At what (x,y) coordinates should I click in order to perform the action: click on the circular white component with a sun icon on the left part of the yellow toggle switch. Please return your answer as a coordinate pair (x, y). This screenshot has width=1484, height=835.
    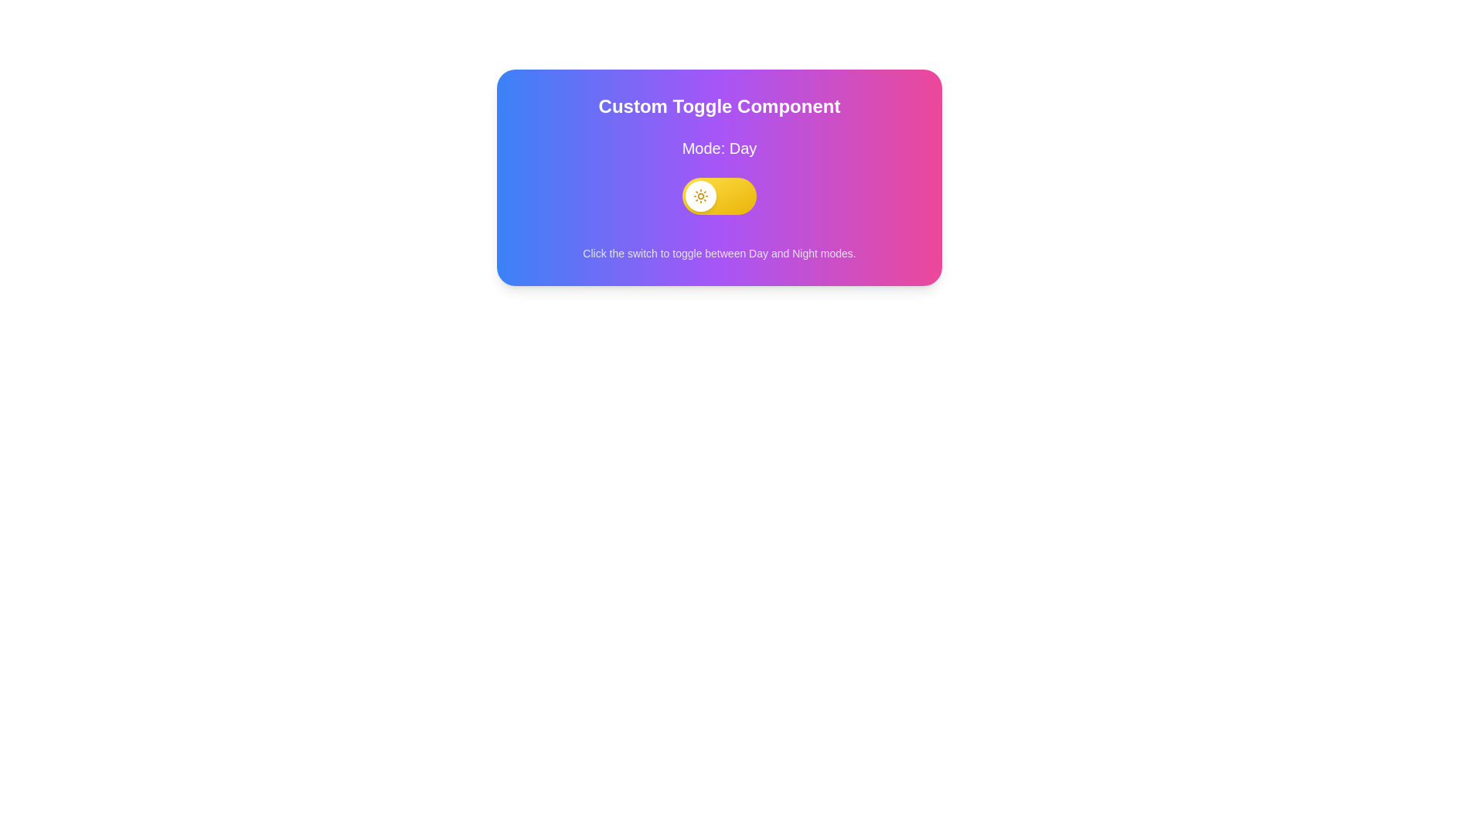
    Looking at the image, I should click on (700, 196).